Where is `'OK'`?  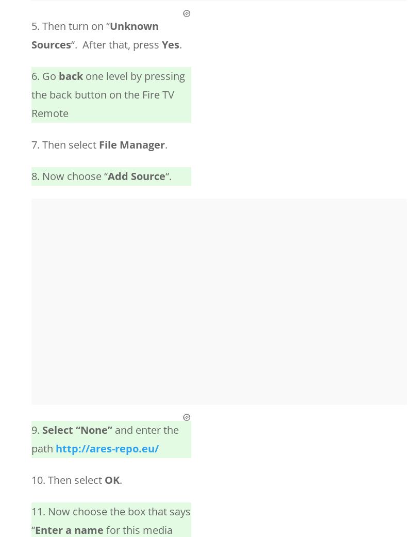
'OK' is located at coordinates (111, 479).